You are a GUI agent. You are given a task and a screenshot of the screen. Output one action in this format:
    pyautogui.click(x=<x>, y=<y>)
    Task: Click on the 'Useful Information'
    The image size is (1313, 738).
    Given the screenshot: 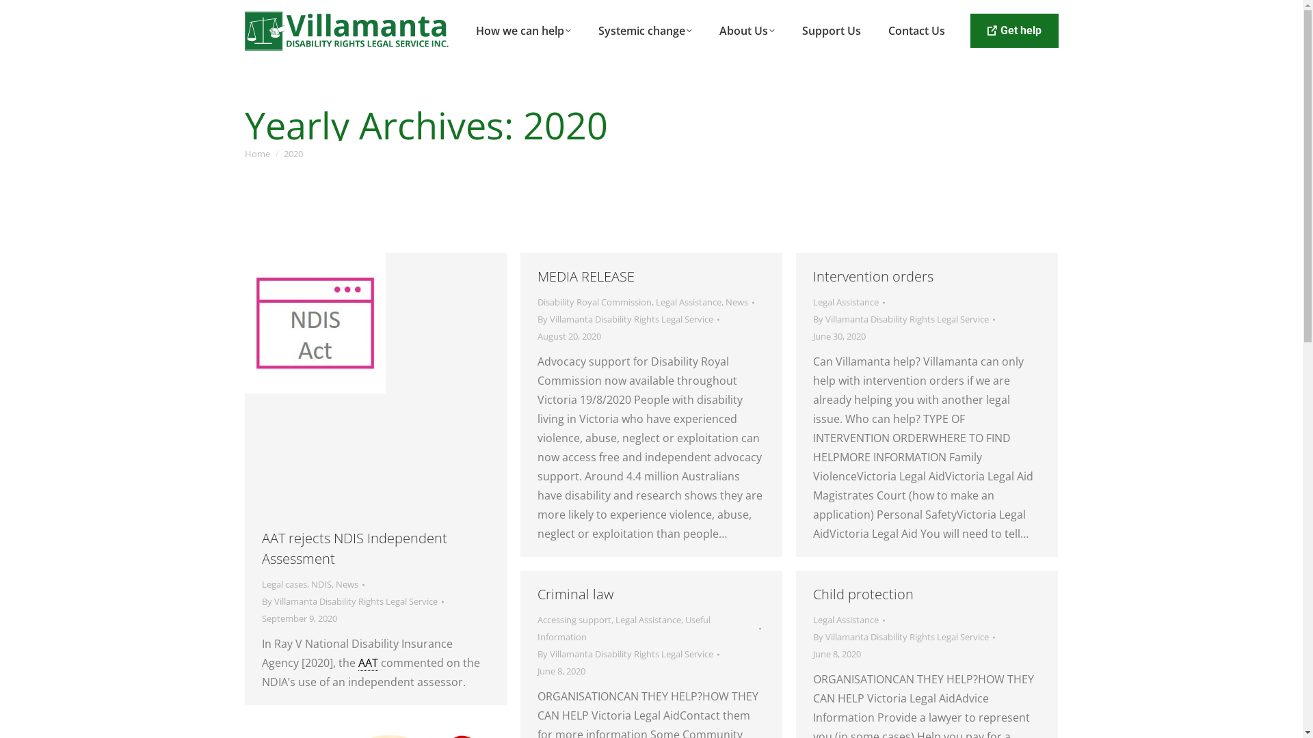 What is the action you would take?
    pyautogui.click(x=537, y=628)
    